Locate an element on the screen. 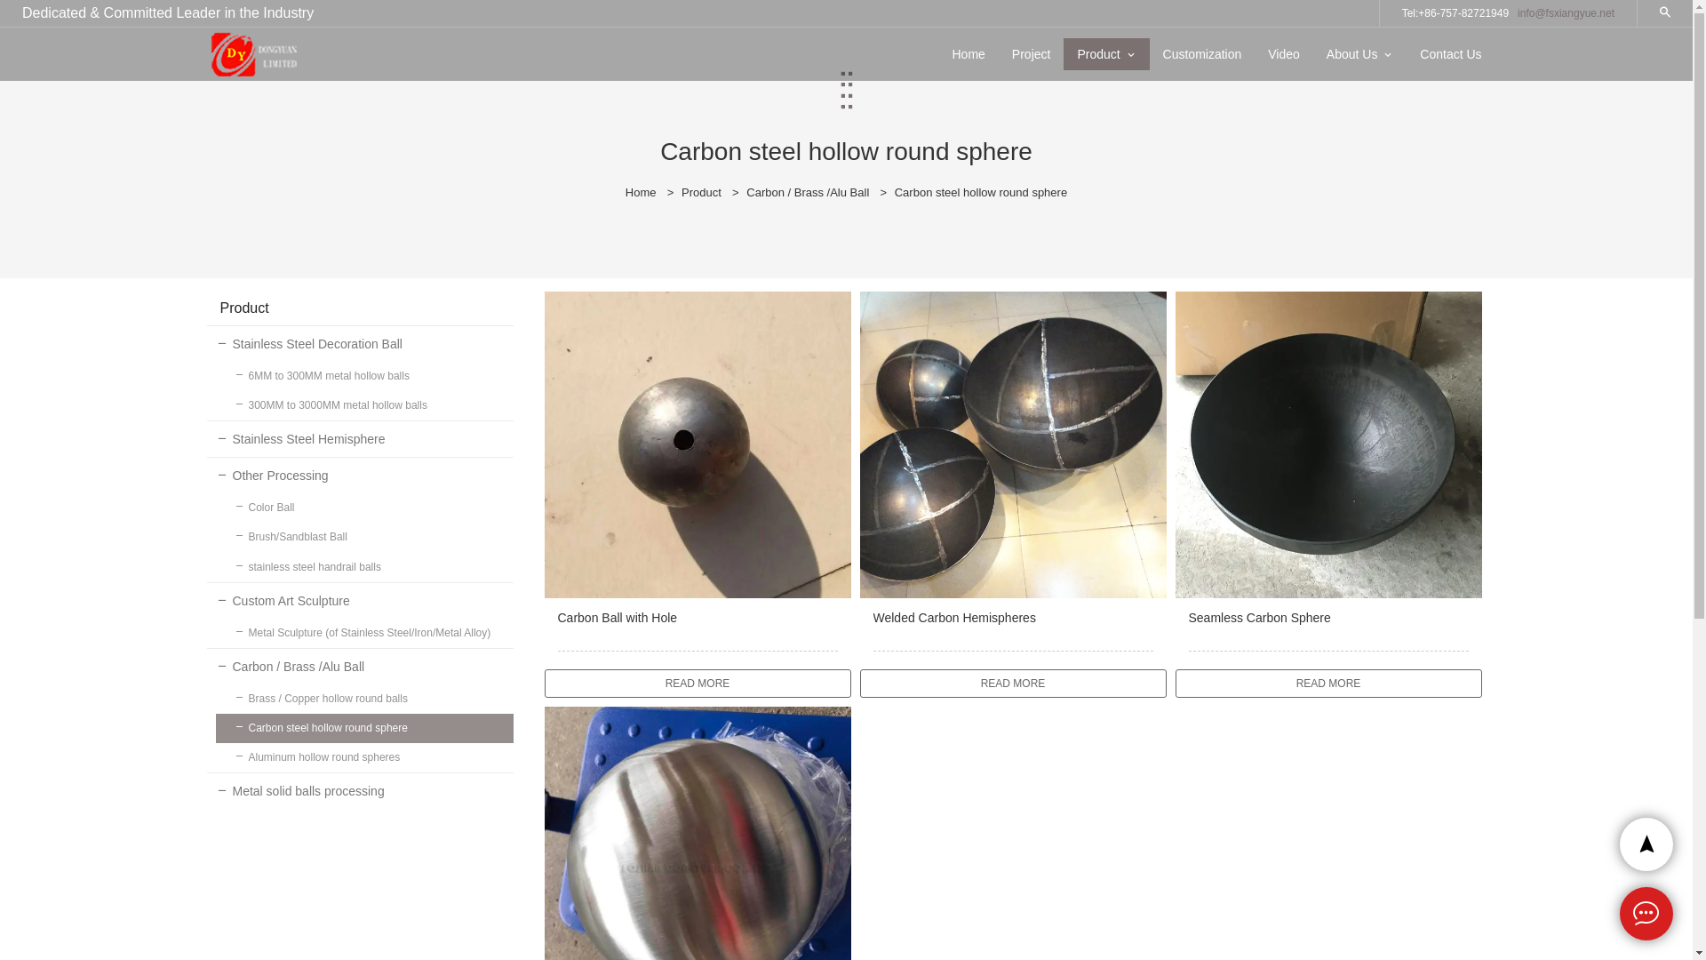 Image resolution: width=1706 pixels, height=960 pixels. '300MM to 3000MM metal hollow balls' is located at coordinates (363, 405).